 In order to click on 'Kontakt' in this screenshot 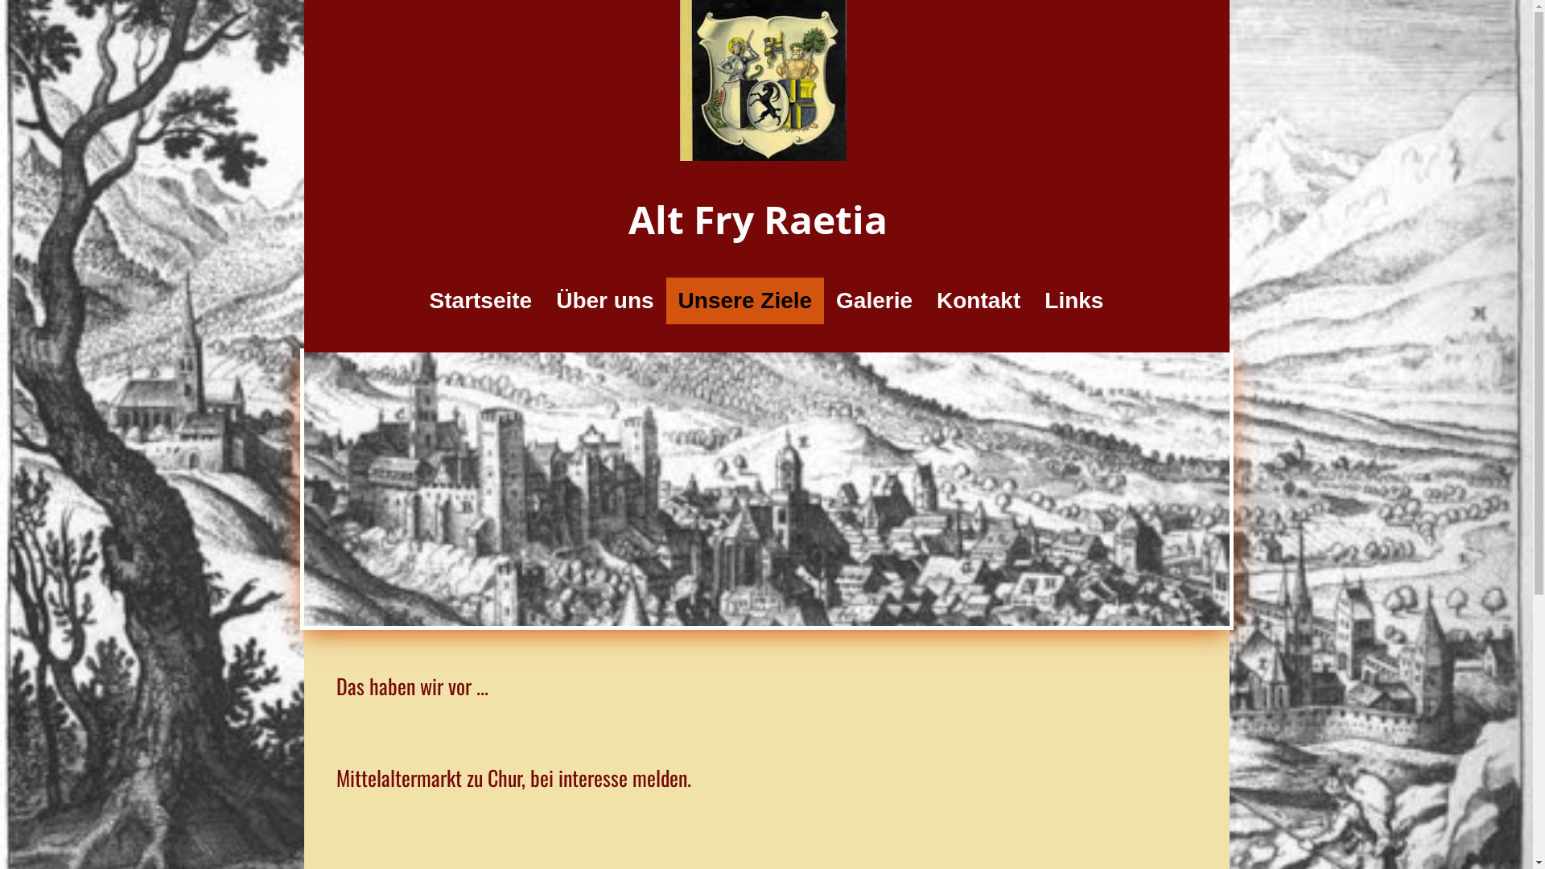, I will do `click(977, 301)`.